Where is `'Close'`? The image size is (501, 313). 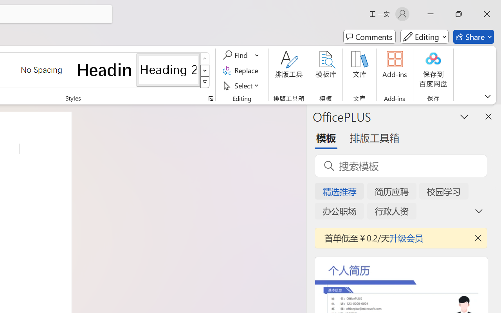
'Close' is located at coordinates (487, 14).